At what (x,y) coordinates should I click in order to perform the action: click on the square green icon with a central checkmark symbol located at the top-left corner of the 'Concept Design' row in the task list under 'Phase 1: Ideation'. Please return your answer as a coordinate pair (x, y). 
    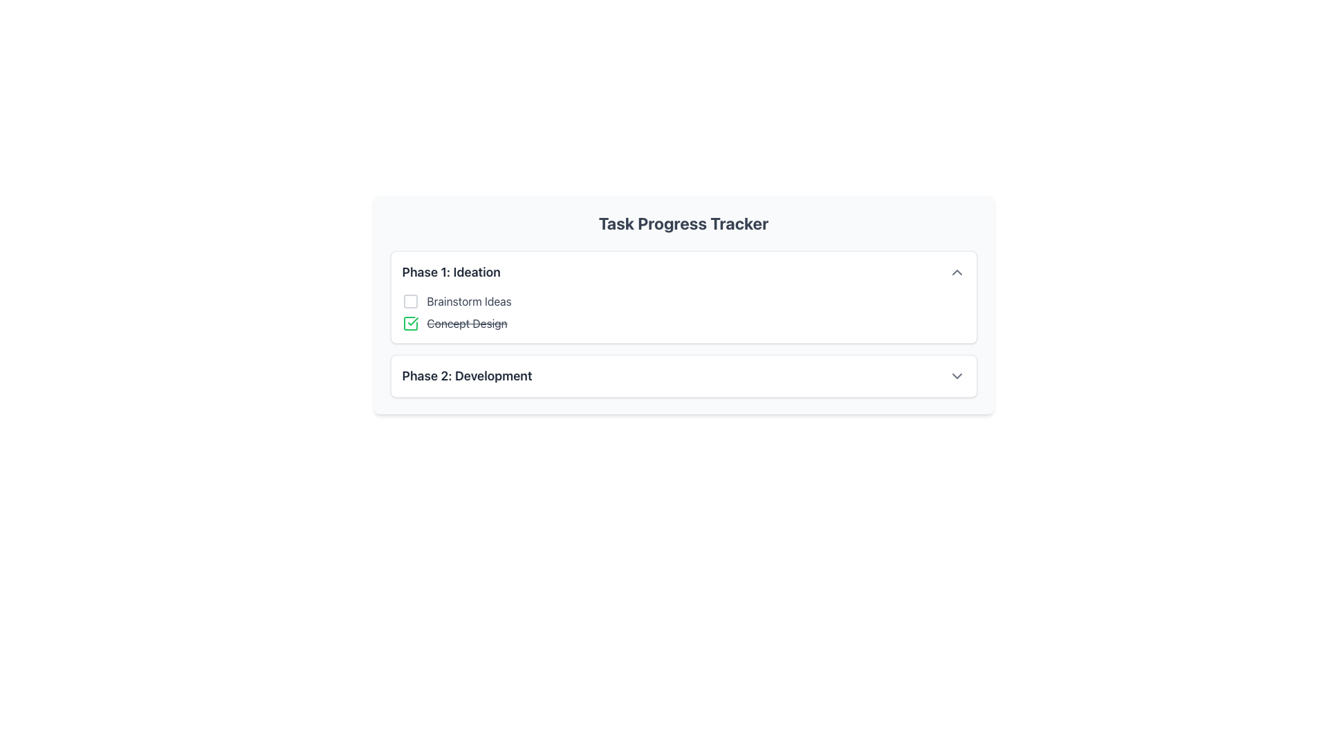
    Looking at the image, I should click on (409, 323).